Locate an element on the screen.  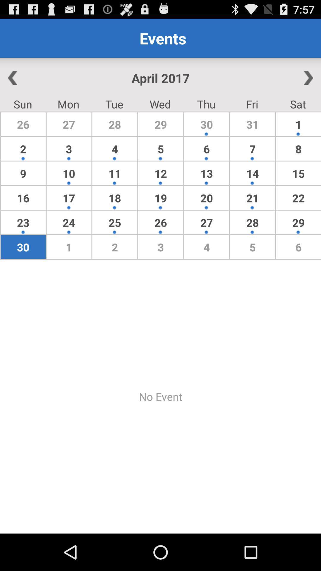
item below the 16 item is located at coordinates (23, 222).